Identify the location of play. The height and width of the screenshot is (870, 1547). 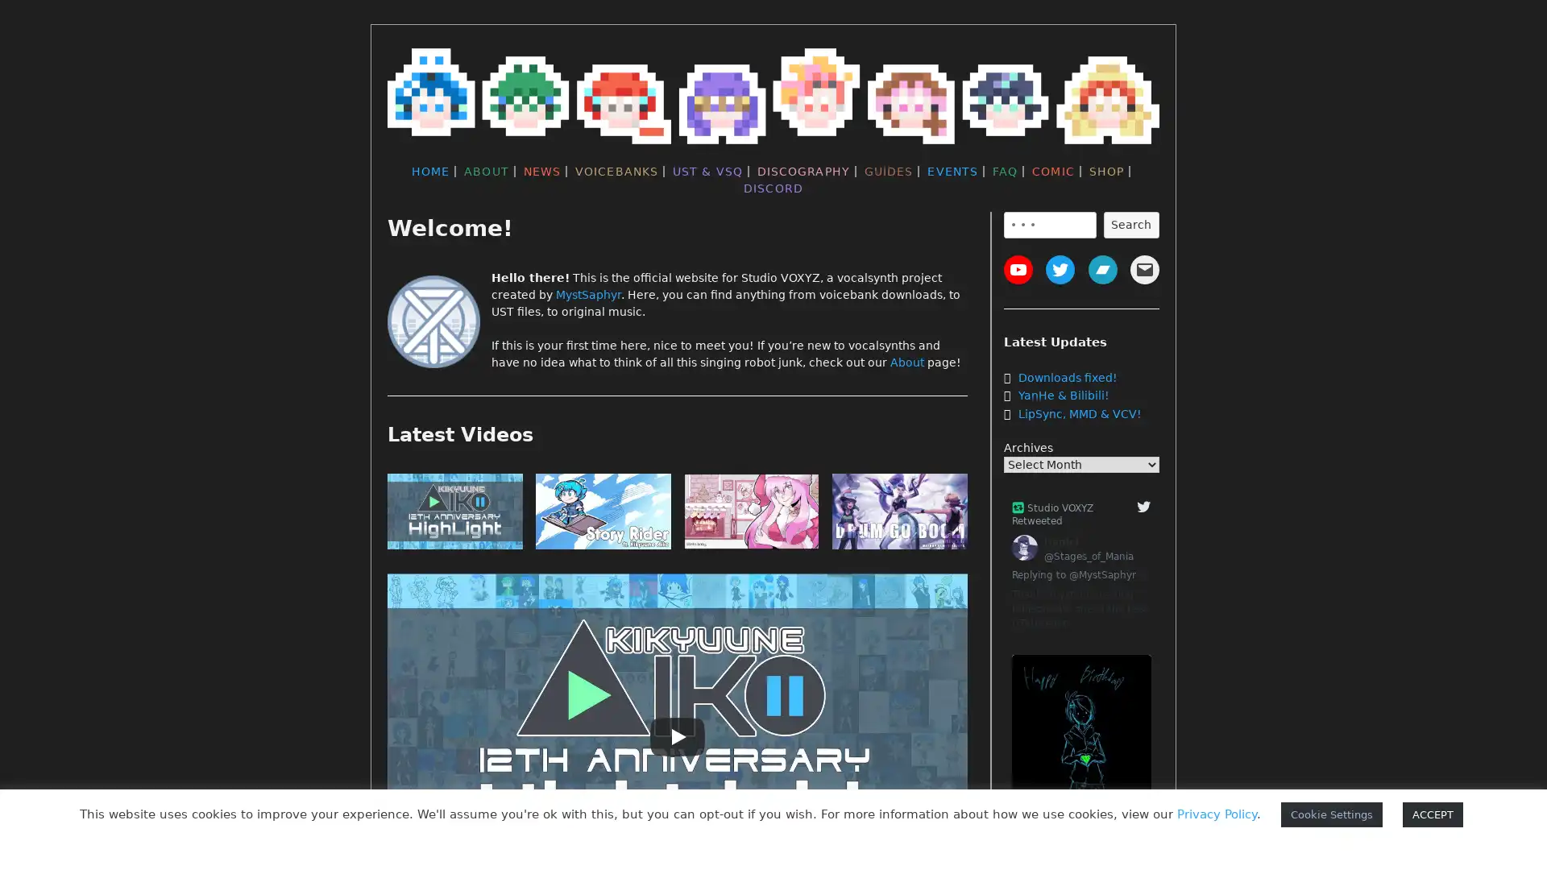
(602, 515).